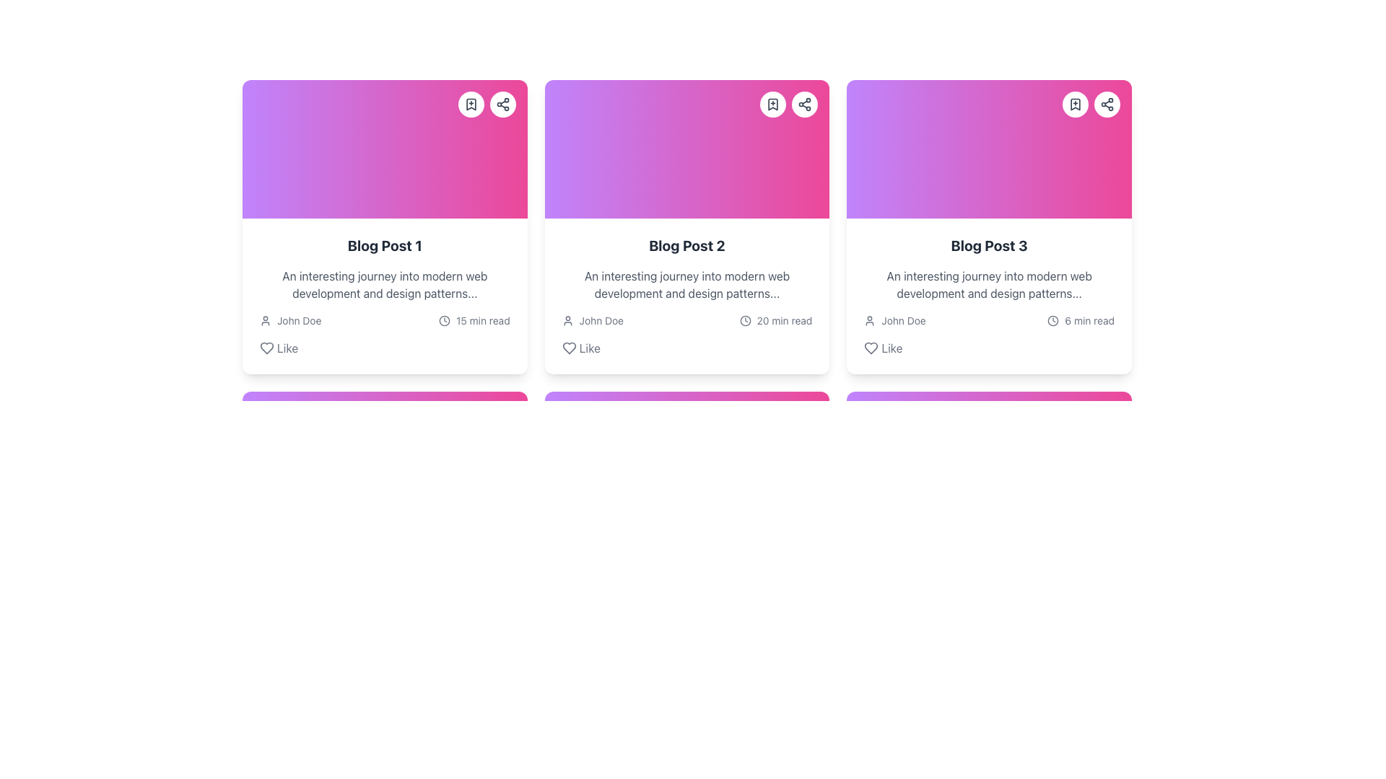 This screenshot has width=1386, height=779. What do you see at coordinates (279, 348) in the screenshot?
I see `the 'Like' button located at the bottom of the 'Blog Post 1' card to indicate preference for the content` at bounding box center [279, 348].